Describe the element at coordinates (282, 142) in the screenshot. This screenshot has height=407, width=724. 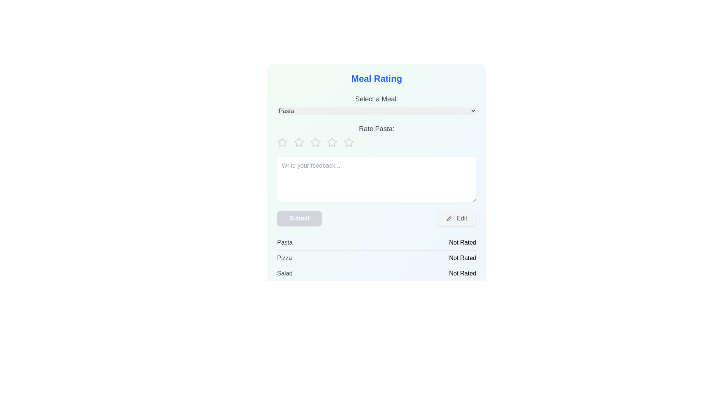
I see `the leftmost hollow star-shaped rating icon` at that location.